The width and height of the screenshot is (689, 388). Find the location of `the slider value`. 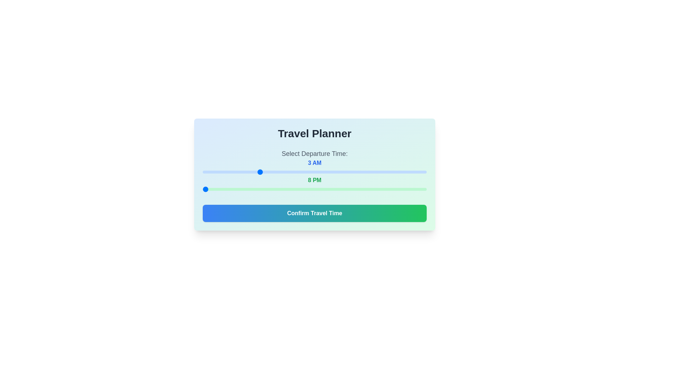

the slider value is located at coordinates (240, 189).